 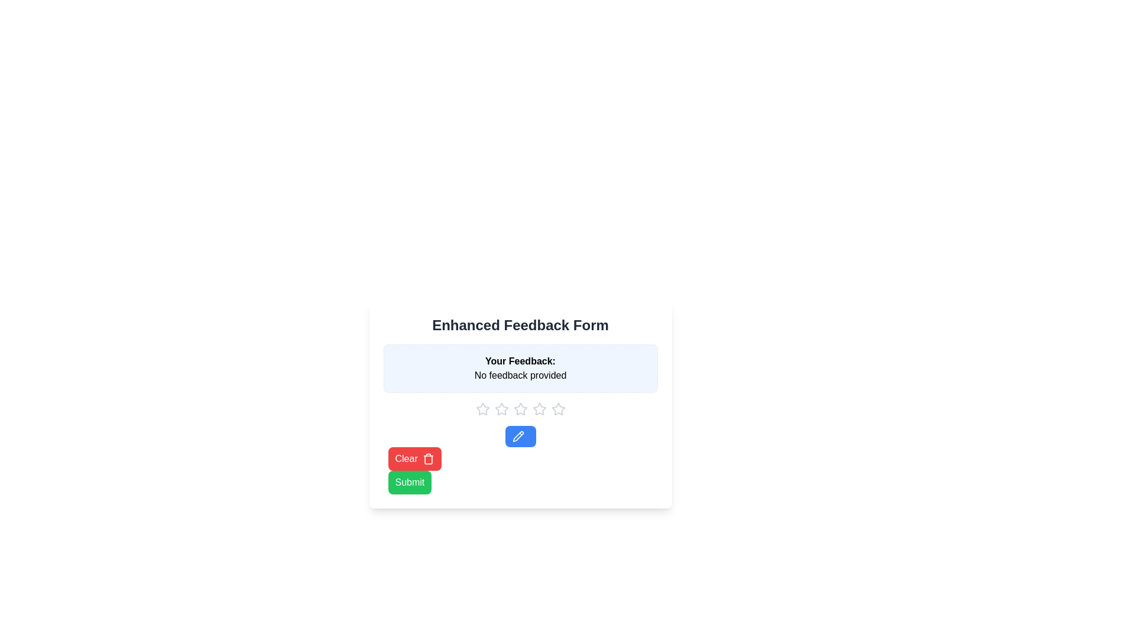 I want to click on the trash can icon located centrally within the red 'Clear' button, so click(x=427, y=458).